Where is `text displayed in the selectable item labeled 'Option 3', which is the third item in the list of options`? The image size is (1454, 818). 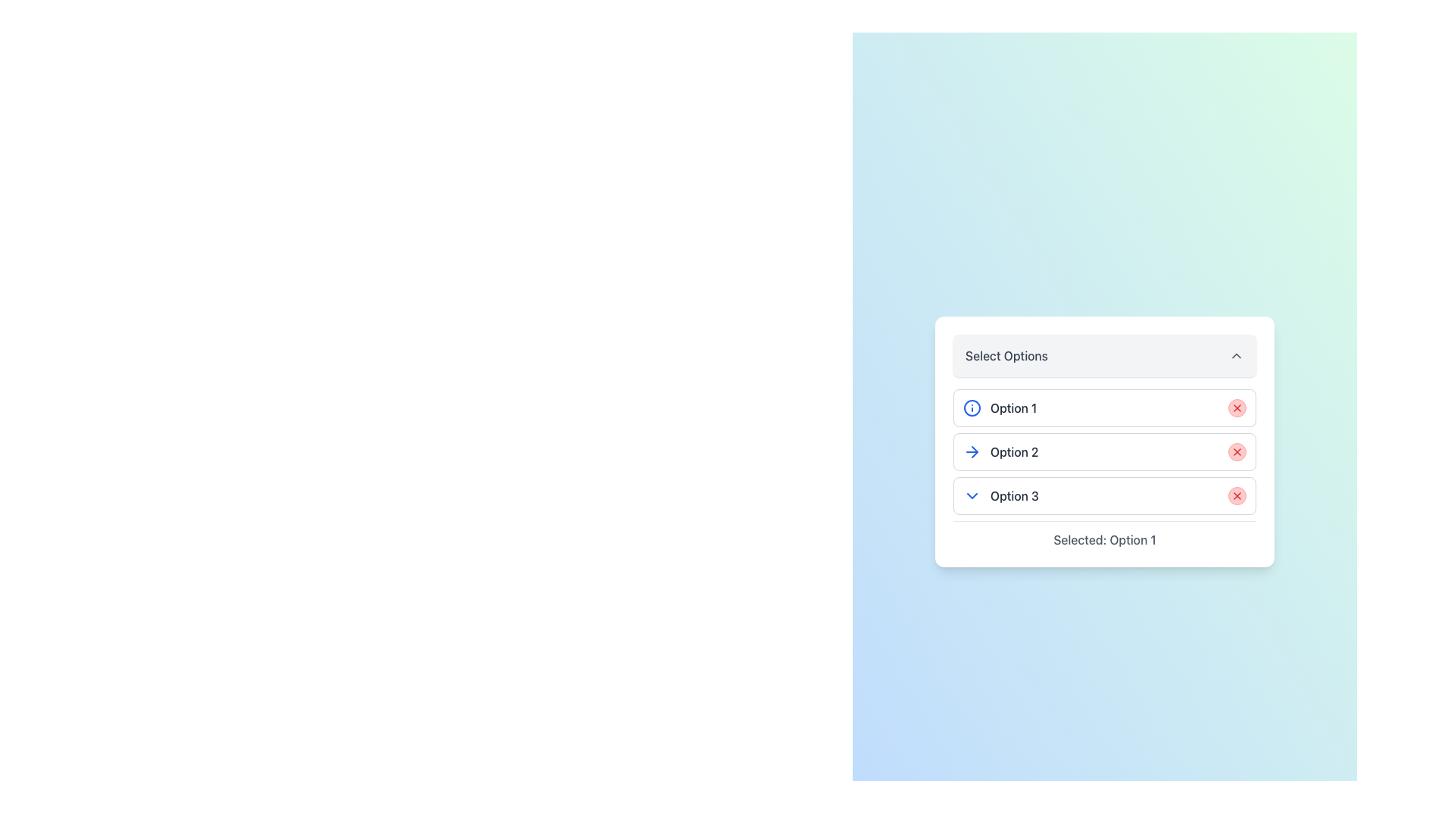
text displayed in the selectable item labeled 'Option 3', which is the third item in the list of options is located at coordinates (1014, 495).